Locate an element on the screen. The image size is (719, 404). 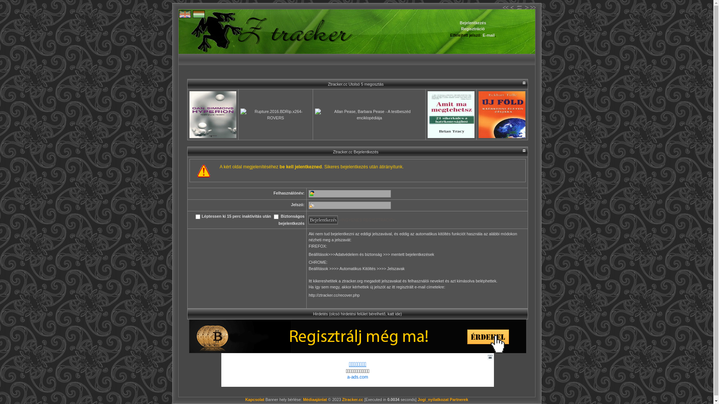
'Kapcsolat' is located at coordinates (255, 399).